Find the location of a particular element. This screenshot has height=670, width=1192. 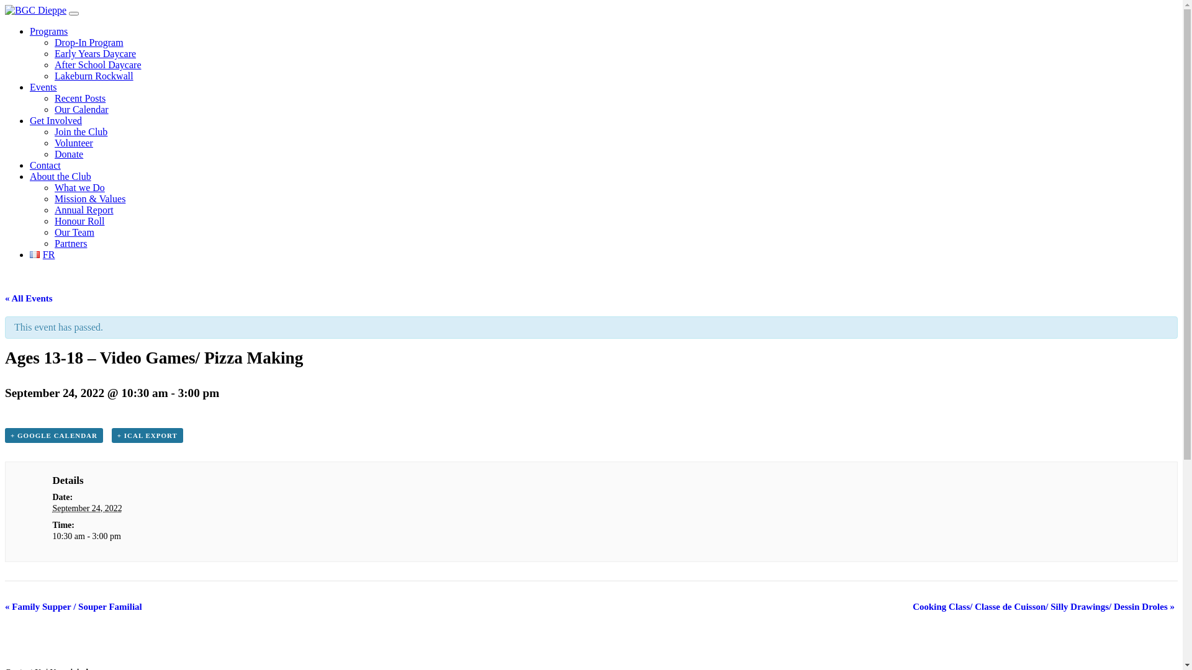

'Lakeburn Rockwall' is located at coordinates (93, 76).